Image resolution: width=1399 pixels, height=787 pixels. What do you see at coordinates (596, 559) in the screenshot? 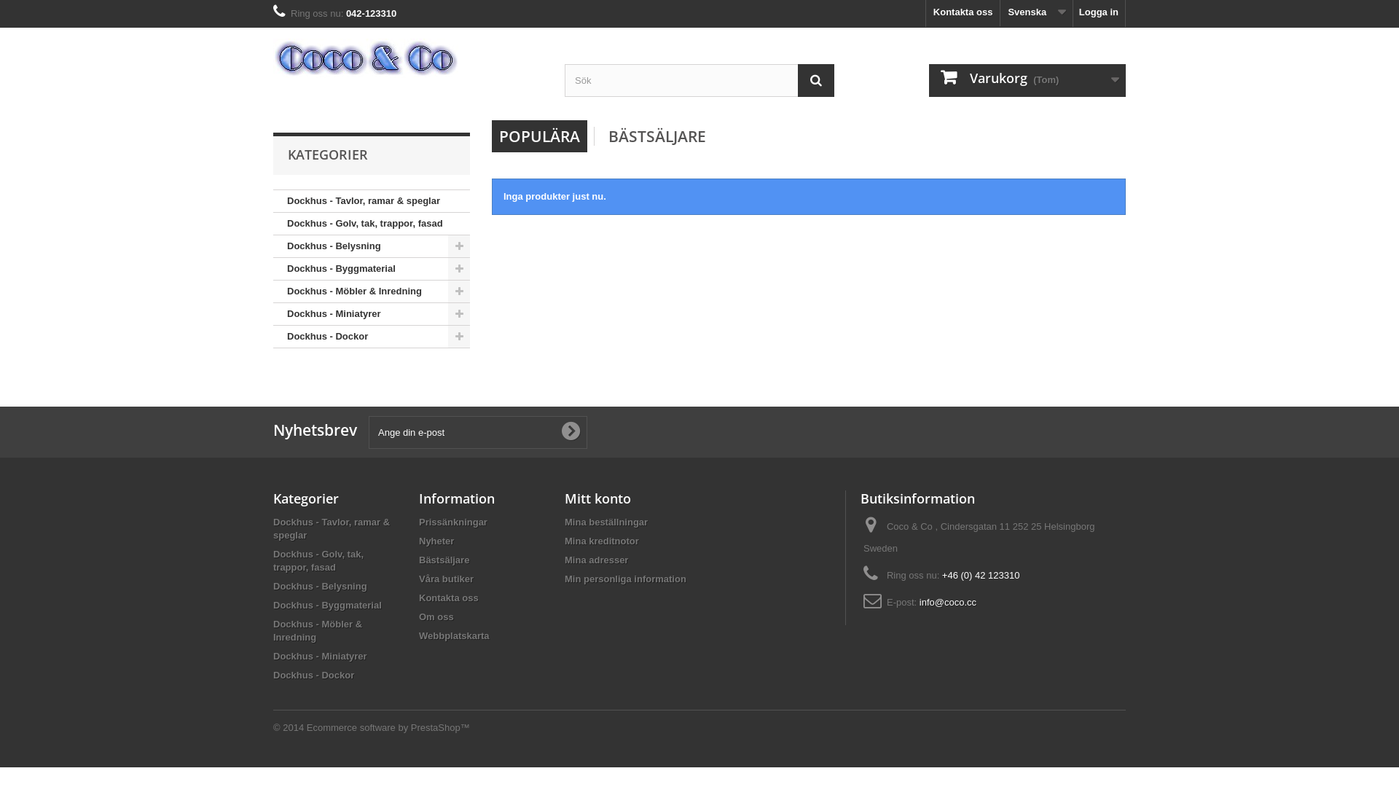
I see `'Mina adresser'` at bounding box center [596, 559].